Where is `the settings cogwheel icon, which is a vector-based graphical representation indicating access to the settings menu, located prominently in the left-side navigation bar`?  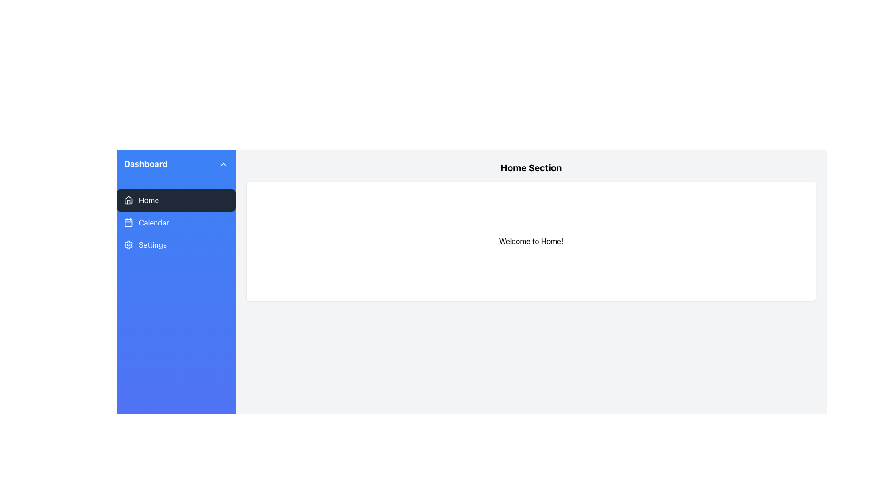 the settings cogwheel icon, which is a vector-based graphical representation indicating access to the settings menu, located prominently in the left-side navigation bar is located at coordinates (128, 244).